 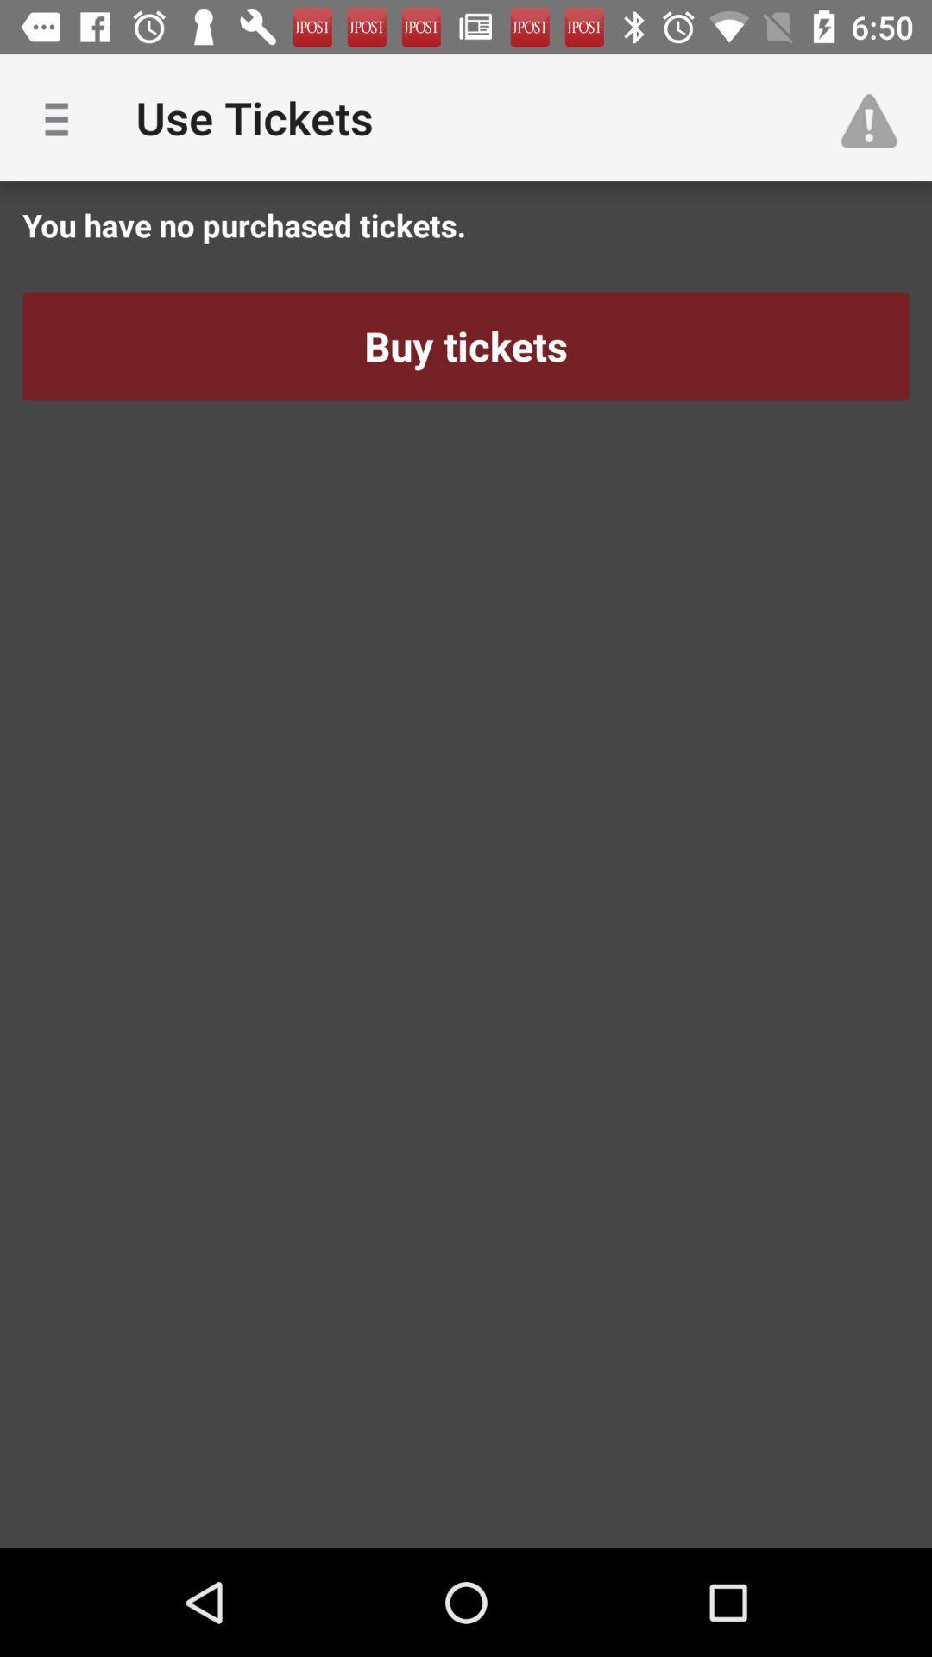 What do you see at coordinates (878, 117) in the screenshot?
I see `app to the right of the use tickets` at bounding box center [878, 117].